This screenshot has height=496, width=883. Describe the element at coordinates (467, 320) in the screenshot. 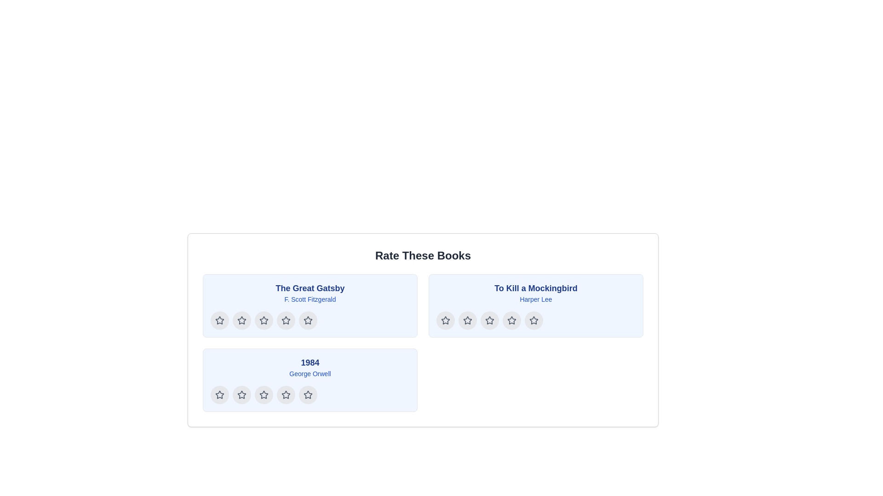

I see `the second rating star icon under the book 'To Kill a Mockingbird'` at that location.